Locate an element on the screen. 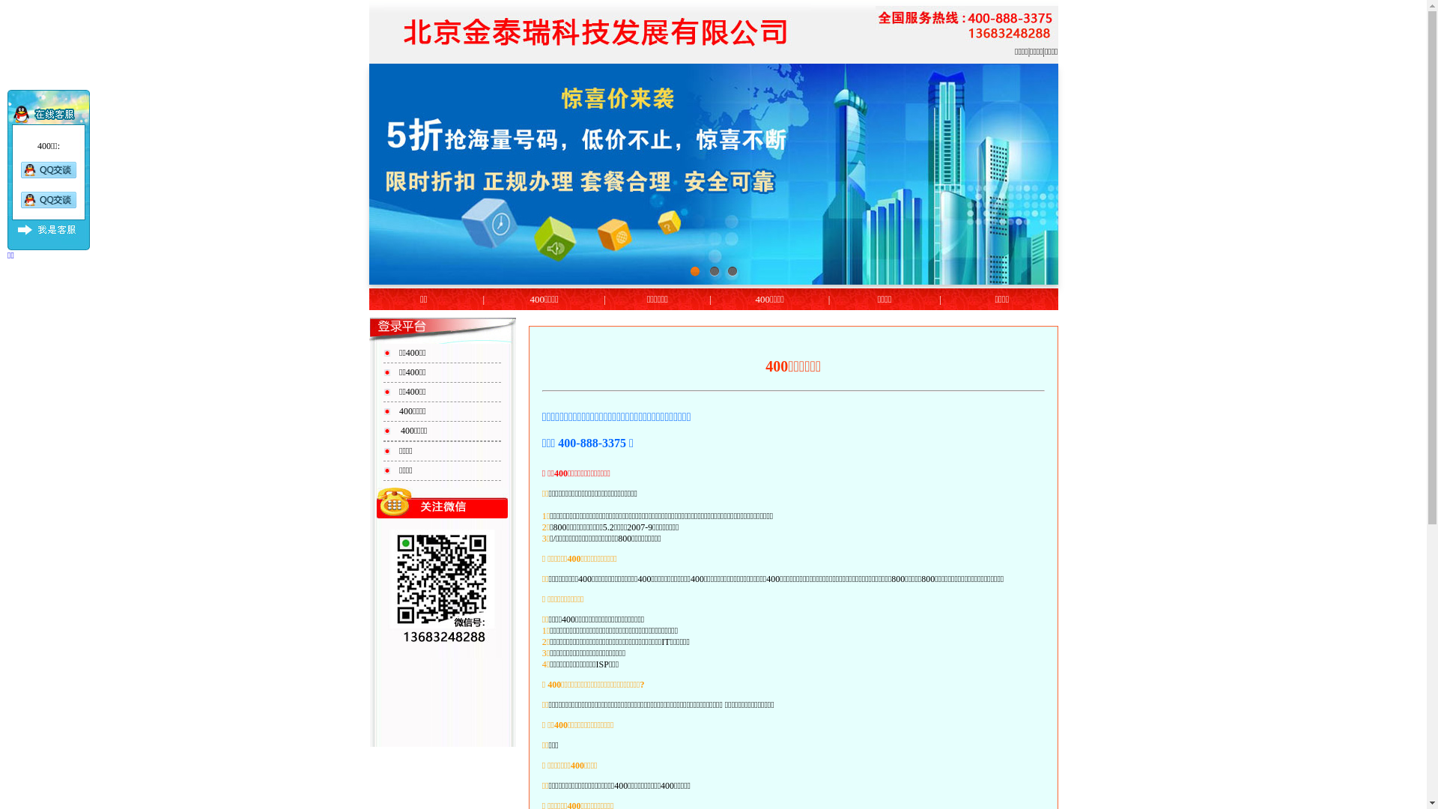 The width and height of the screenshot is (1438, 809). '2' is located at coordinates (713, 271).